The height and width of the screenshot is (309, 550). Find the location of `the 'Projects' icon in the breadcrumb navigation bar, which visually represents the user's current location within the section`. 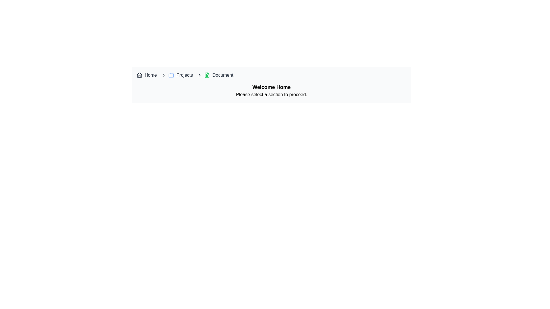

the 'Projects' icon in the breadcrumb navigation bar, which visually represents the user's current location within the section is located at coordinates (171, 75).